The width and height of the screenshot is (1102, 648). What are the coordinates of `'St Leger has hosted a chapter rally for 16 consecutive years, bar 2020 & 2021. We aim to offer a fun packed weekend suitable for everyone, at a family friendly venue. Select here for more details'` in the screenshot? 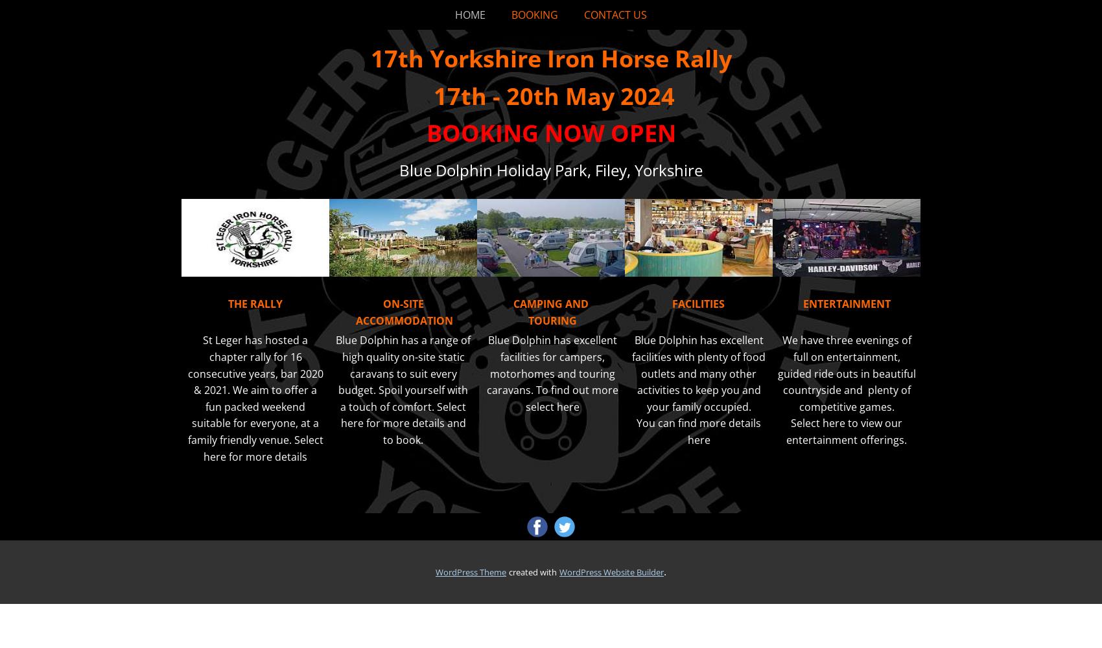 It's located at (254, 397).